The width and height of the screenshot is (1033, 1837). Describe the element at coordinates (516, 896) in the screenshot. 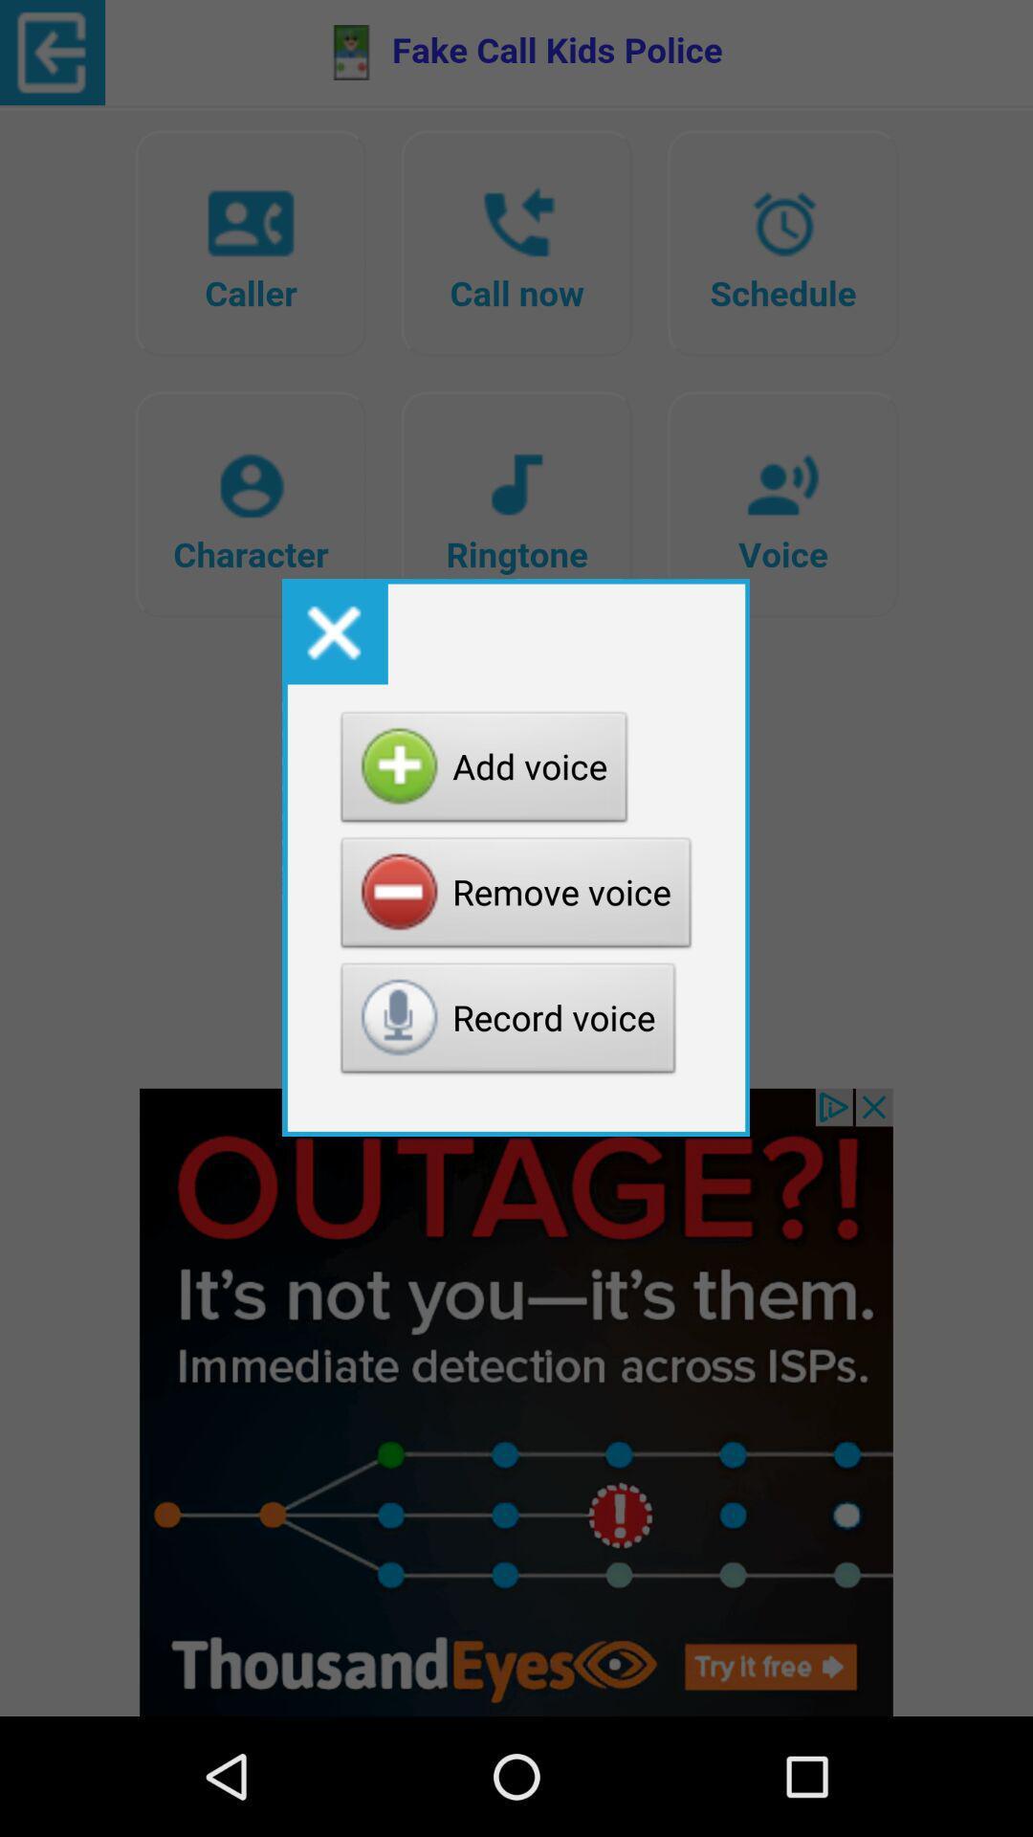

I see `item above the record voice` at that location.